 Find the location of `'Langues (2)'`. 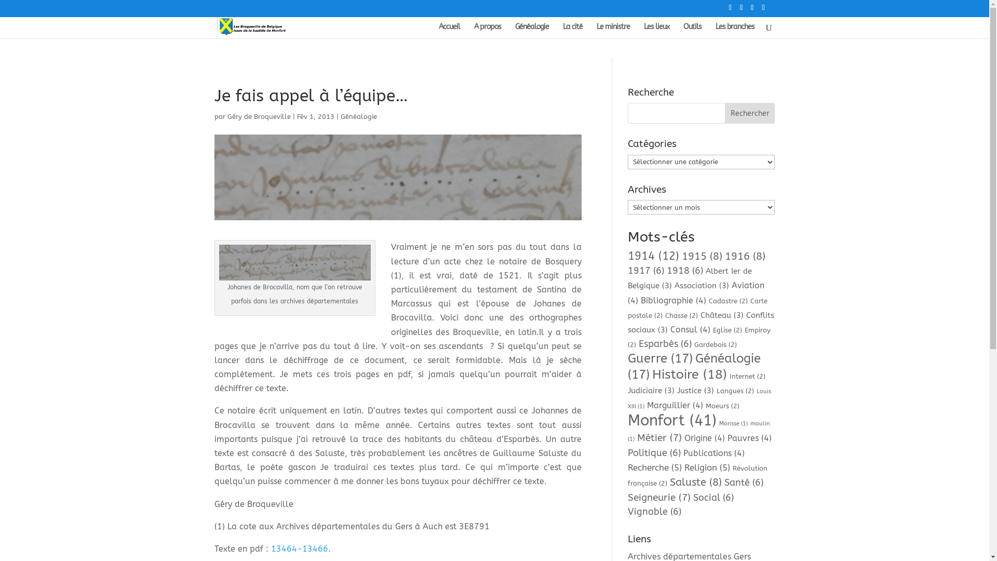

'Langues (2)' is located at coordinates (735, 391).